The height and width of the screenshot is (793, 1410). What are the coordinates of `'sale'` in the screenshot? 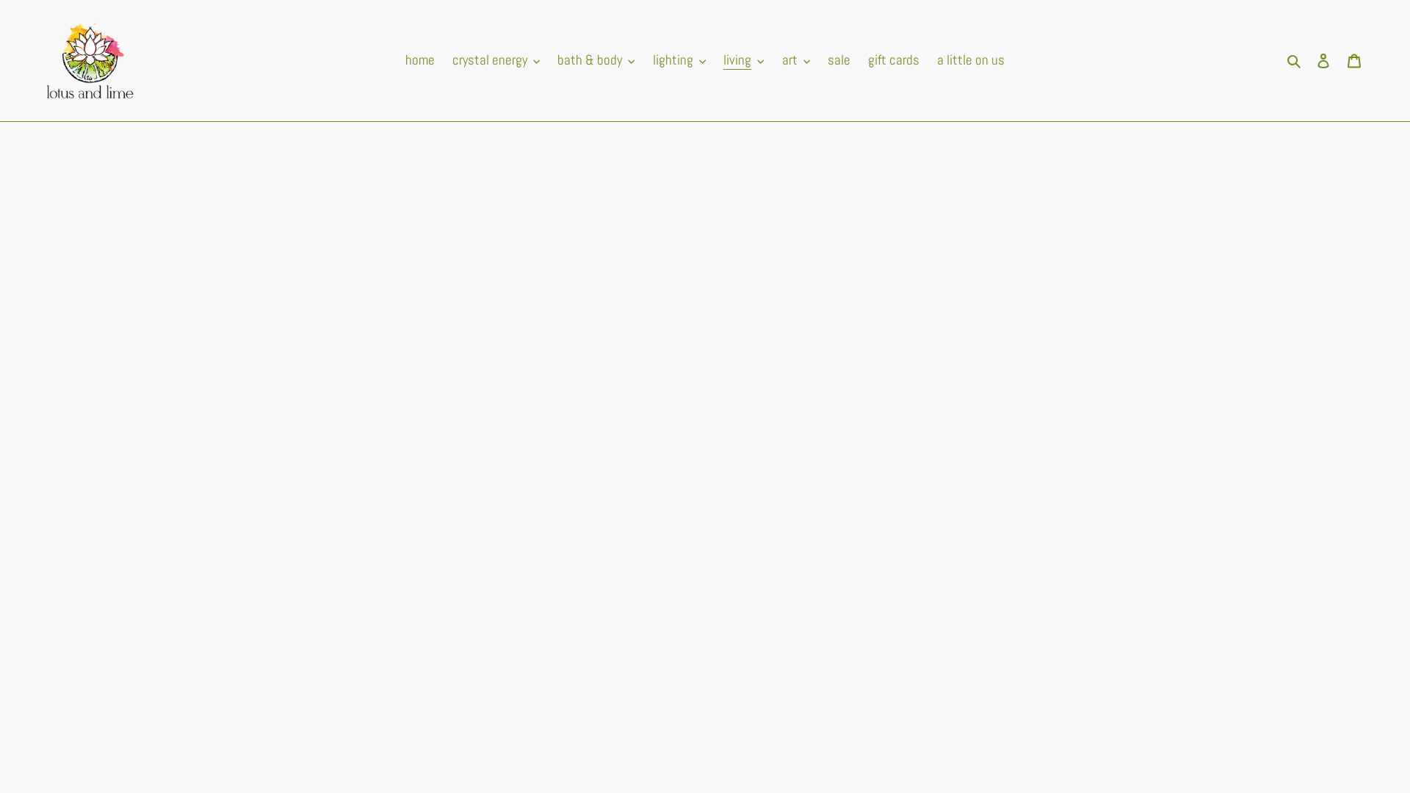 It's located at (820, 59).